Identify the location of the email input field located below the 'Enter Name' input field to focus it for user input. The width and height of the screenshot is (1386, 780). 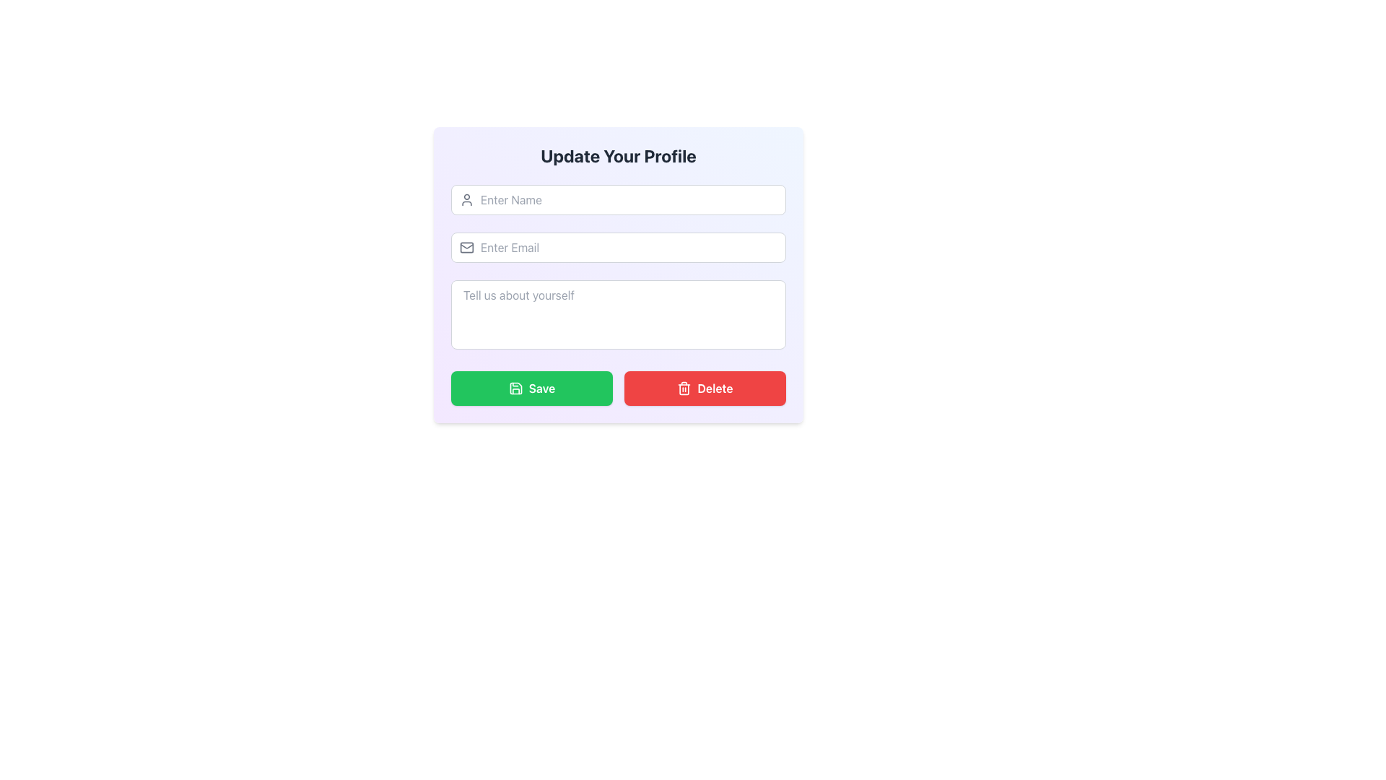
(619, 247).